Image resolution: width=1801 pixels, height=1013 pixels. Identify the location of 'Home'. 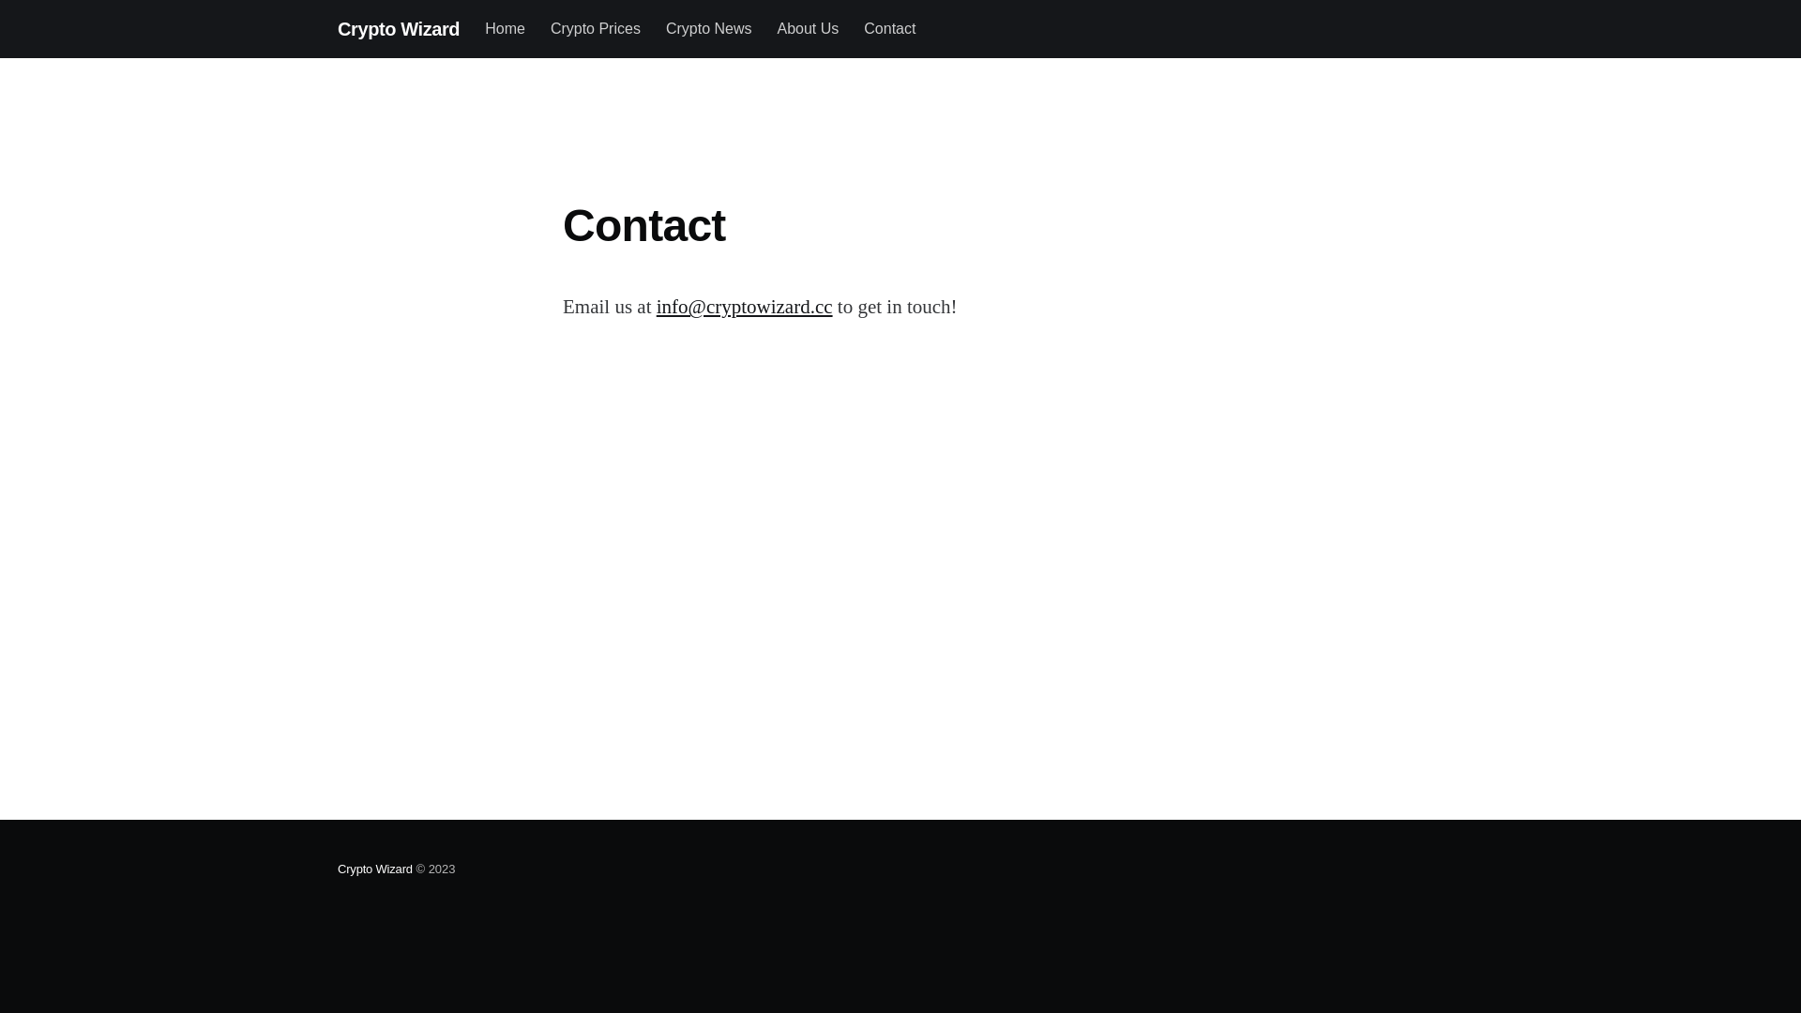
(505, 28).